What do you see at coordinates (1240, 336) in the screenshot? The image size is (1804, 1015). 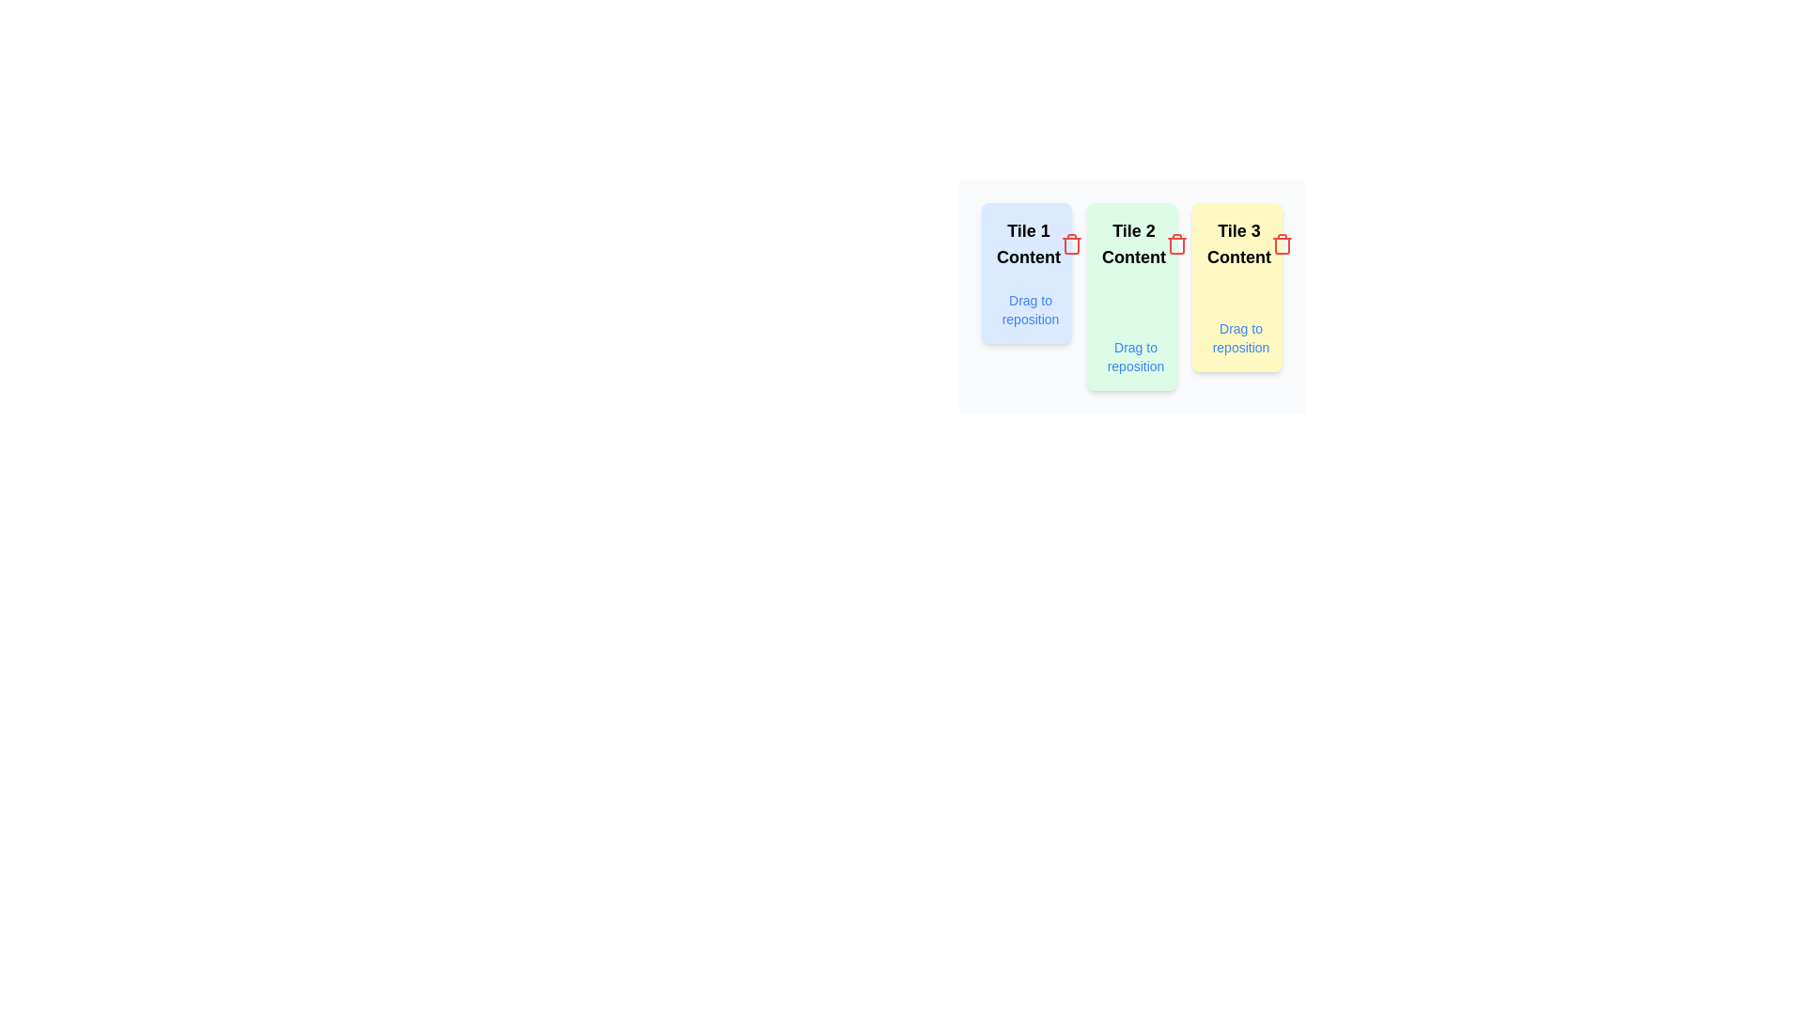 I see `the text element displaying 'Drag to reposition', which is located at the bottom of the third card labeled 'Tile 3 Content'` at bounding box center [1240, 336].